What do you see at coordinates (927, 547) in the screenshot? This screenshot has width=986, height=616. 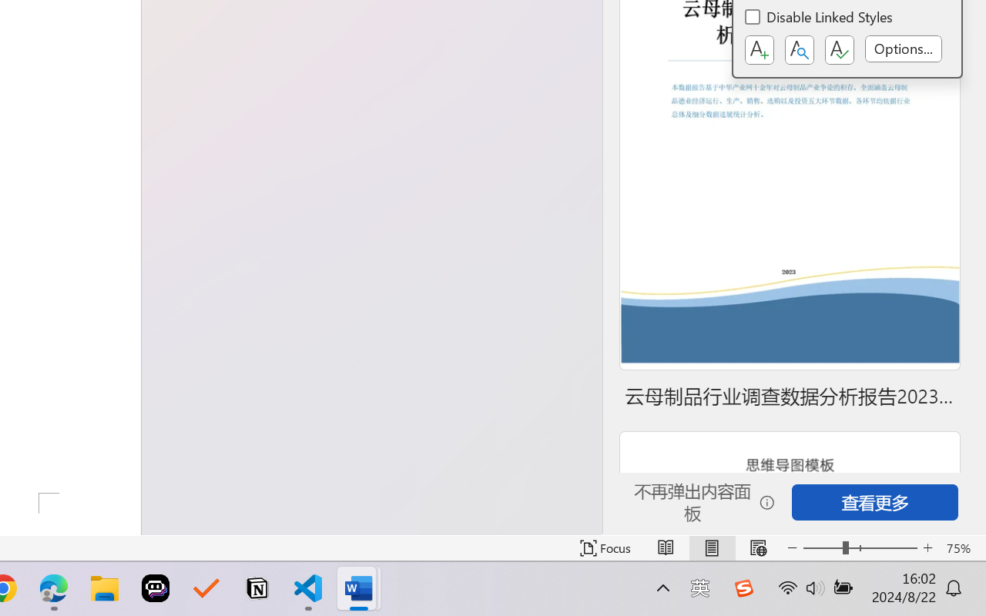 I see `'Zoom In'` at bounding box center [927, 547].